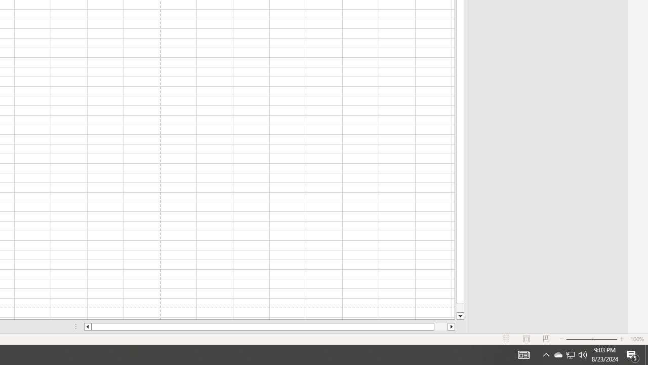 The image size is (648, 365). I want to click on 'Page down', so click(460, 308).